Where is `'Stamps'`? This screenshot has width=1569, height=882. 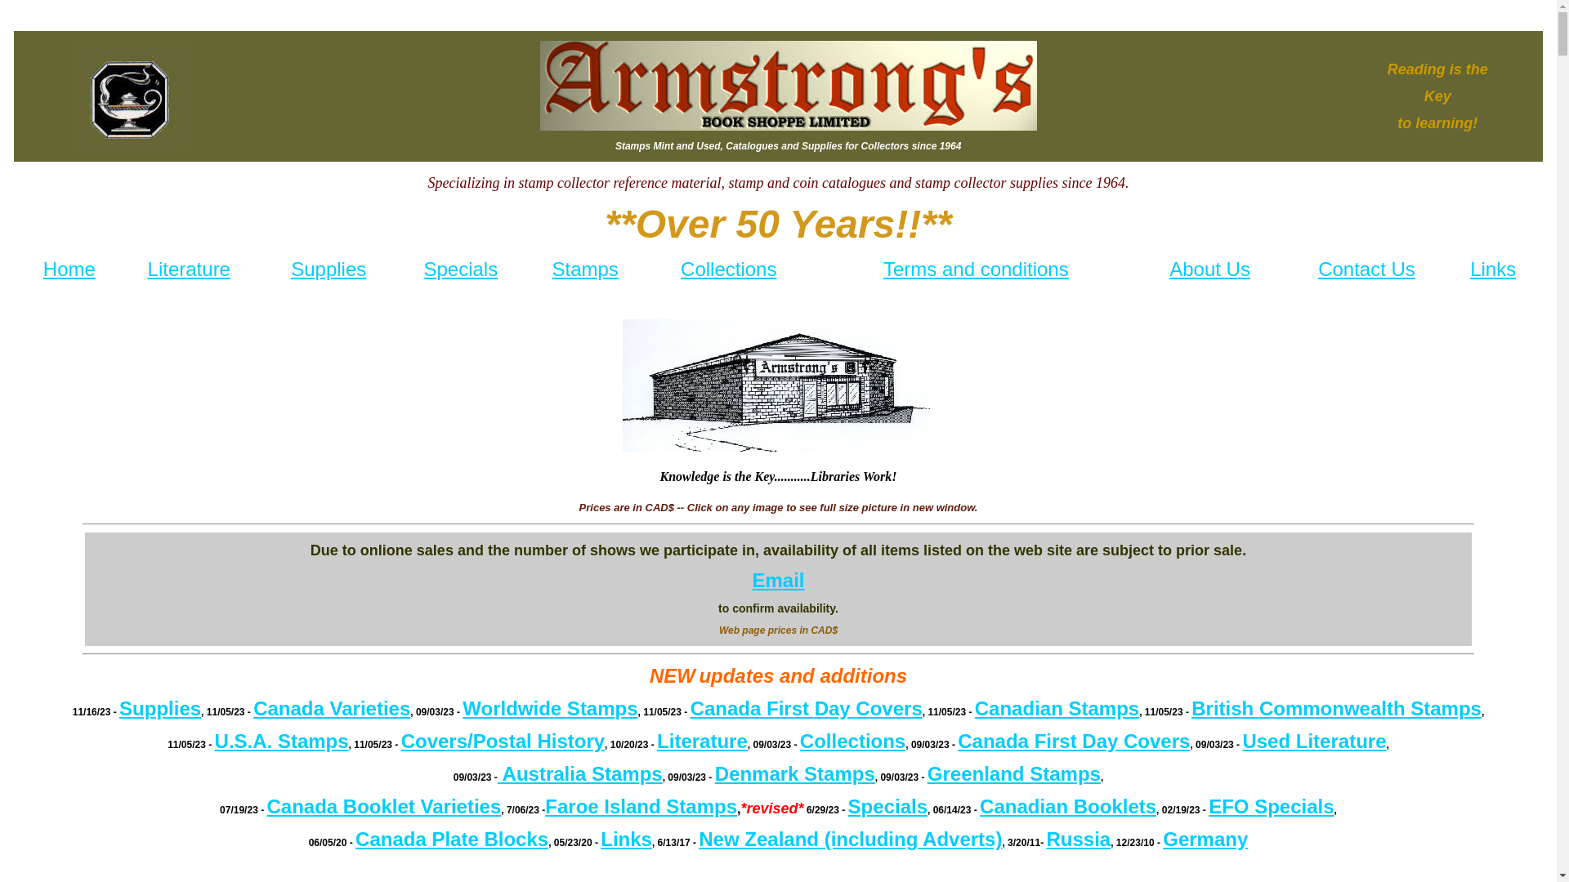
'Stamps' is located at coordinates (552, 268).